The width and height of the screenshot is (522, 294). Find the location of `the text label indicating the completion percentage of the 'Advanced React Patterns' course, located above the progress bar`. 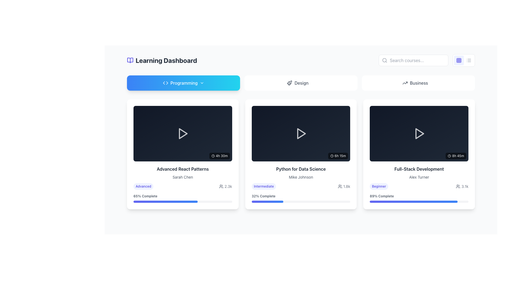

the text label indicating the completion percentage of the 'Advanced React Patterns' course, located above the progress bar is located at coordinates (145, 196).